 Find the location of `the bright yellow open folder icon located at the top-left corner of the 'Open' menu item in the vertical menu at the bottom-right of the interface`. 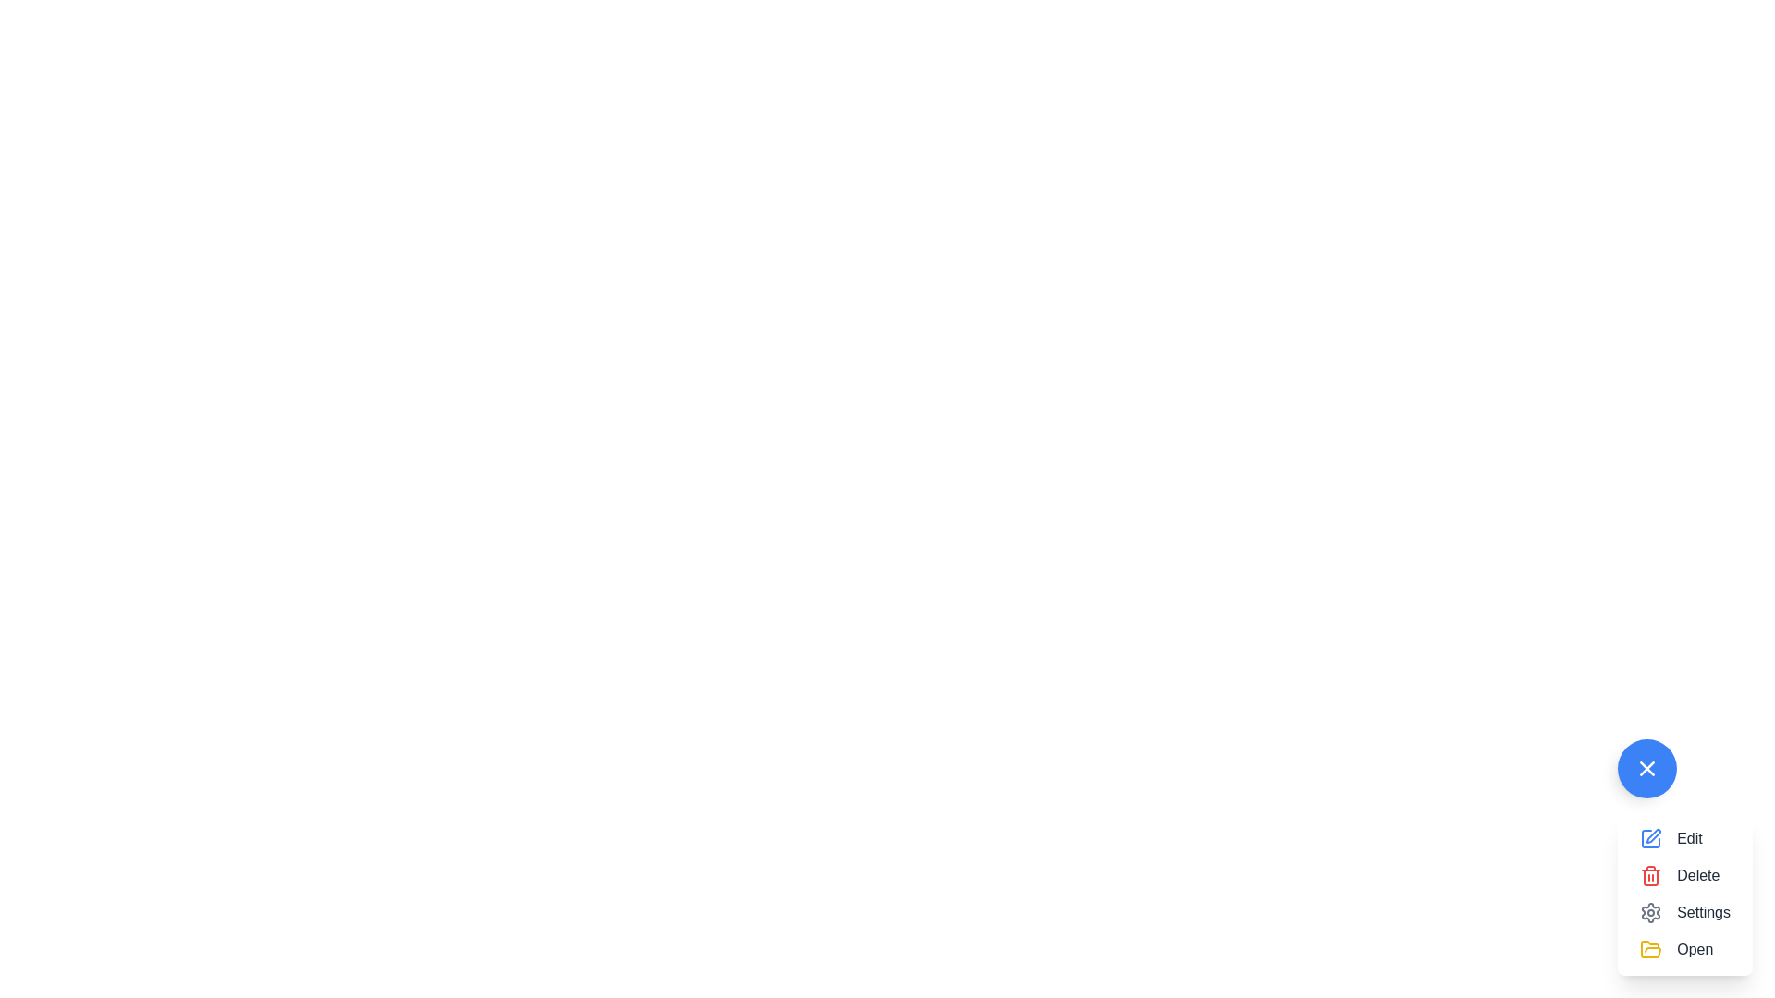

the bright yellow open folder icon located at the top-left corner of the 'Open' menu item in the vertical menu at the bottom-right of the interface is located at coordinates (1651, 950).